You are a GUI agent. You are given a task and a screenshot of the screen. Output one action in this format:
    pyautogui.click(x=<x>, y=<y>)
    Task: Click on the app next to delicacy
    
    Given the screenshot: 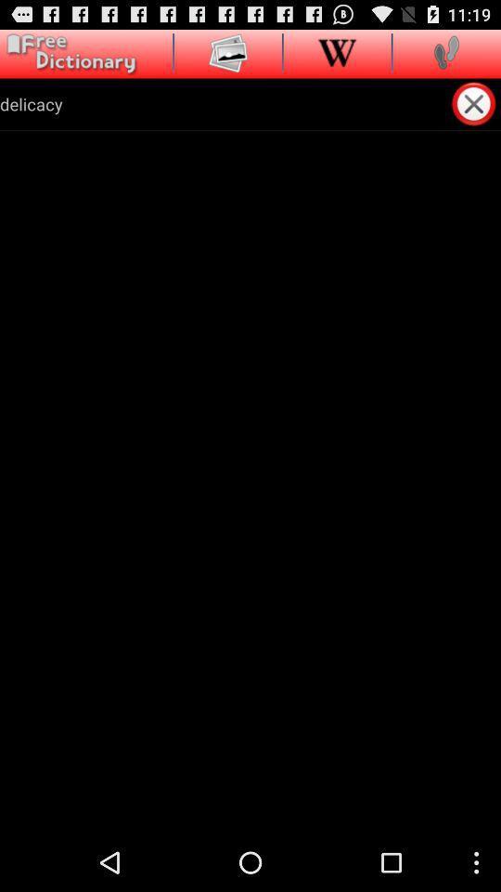 What is the action you would take?
    pyautogui.click(x=475, y=103)
    